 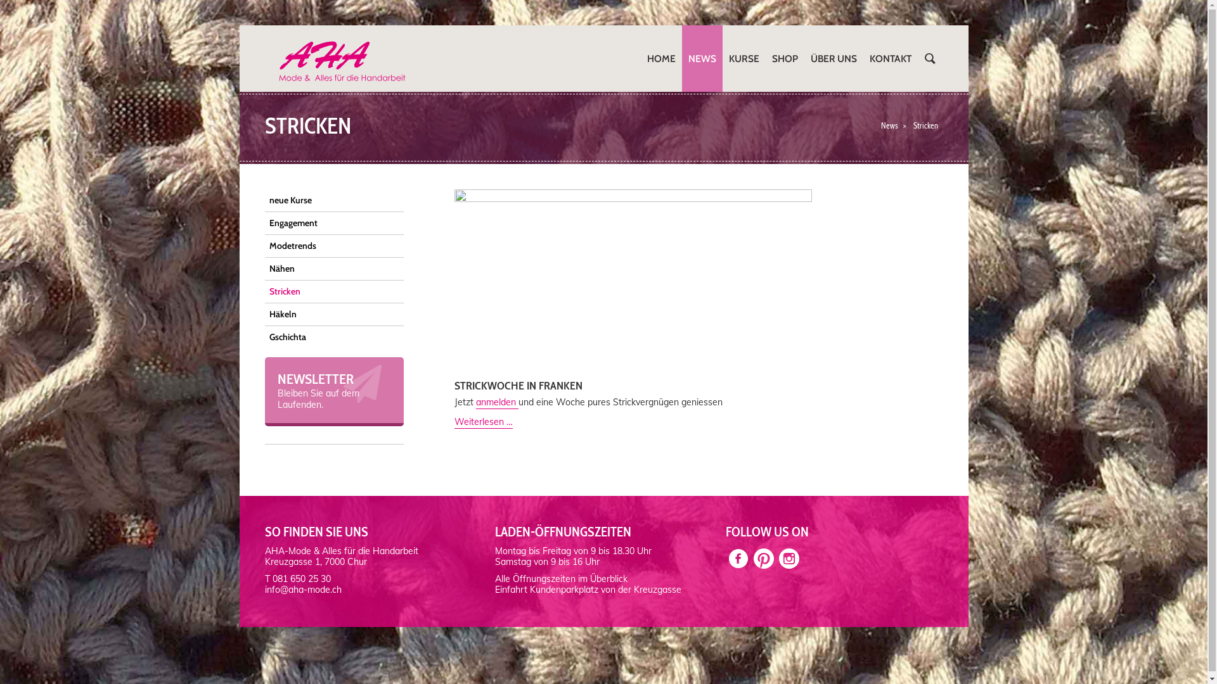 I want to click on 'Modetrends', so click(x=334, y=246).